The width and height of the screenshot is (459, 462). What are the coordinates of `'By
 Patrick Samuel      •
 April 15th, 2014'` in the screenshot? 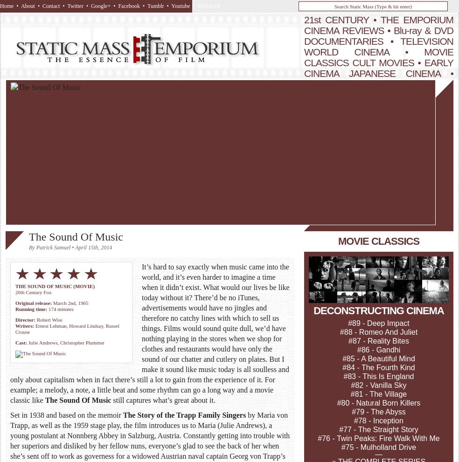 It's located at (28, 247).